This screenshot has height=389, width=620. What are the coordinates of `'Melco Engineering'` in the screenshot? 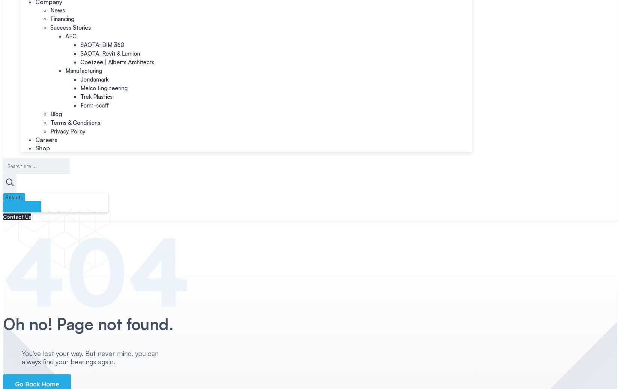 It's located at (104, 88).